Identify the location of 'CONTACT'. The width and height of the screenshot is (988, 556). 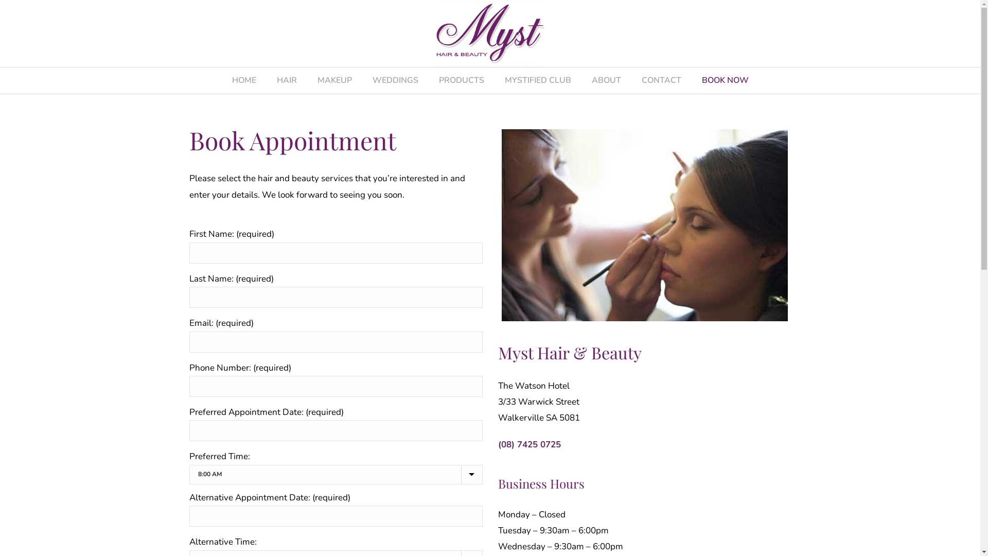
(661, 80).